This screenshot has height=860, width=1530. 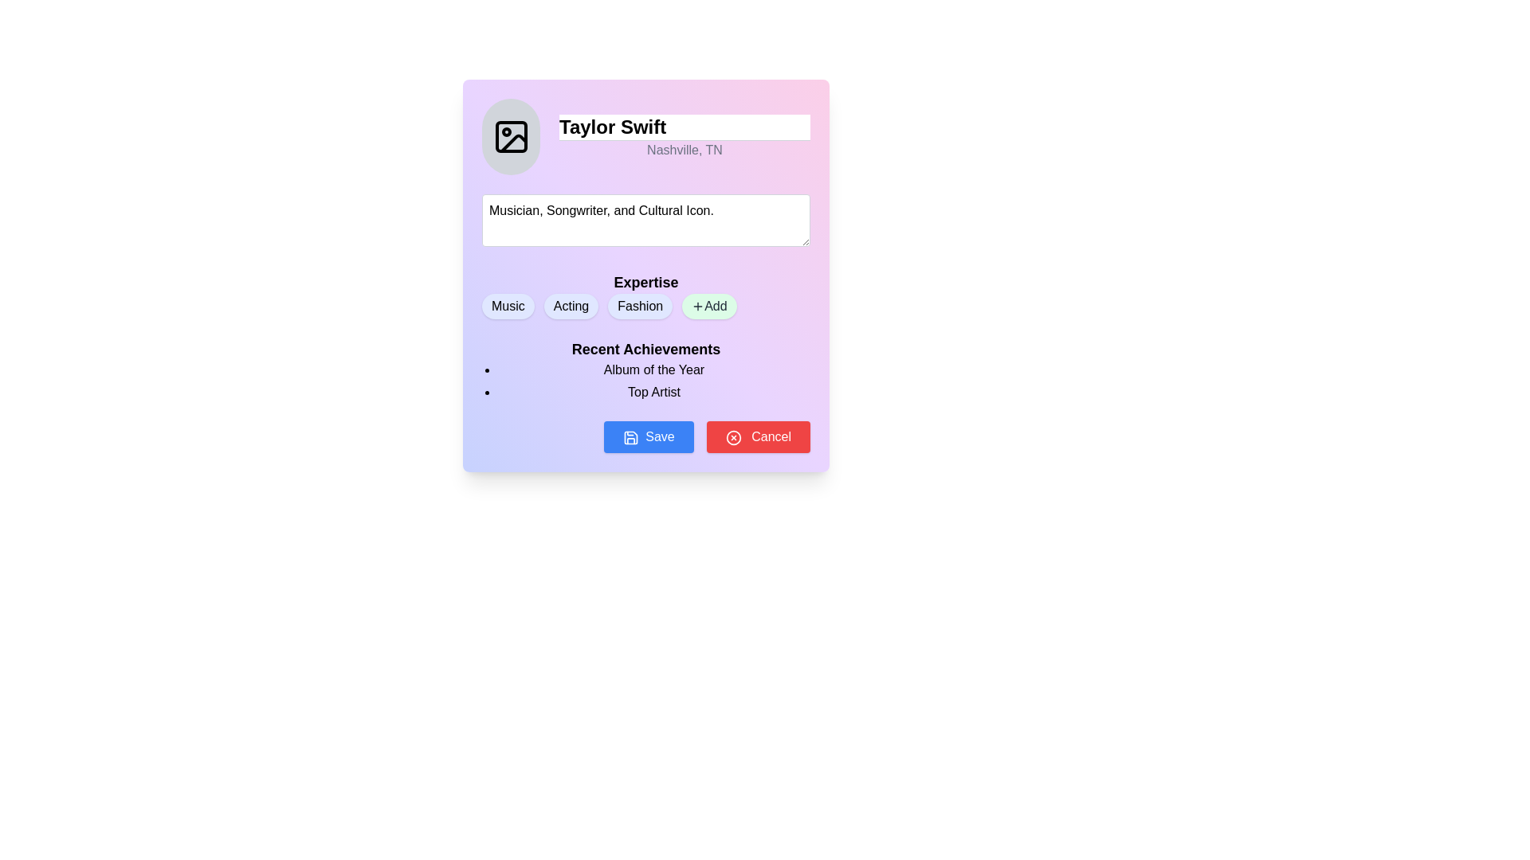 What do you see at coordinates (698, 307) in the screenshot?
I see `the 'Add' icon located inside the button at the rightmost side of the row of expertise options to initiate an adding action` at bounding box center [698, 307].